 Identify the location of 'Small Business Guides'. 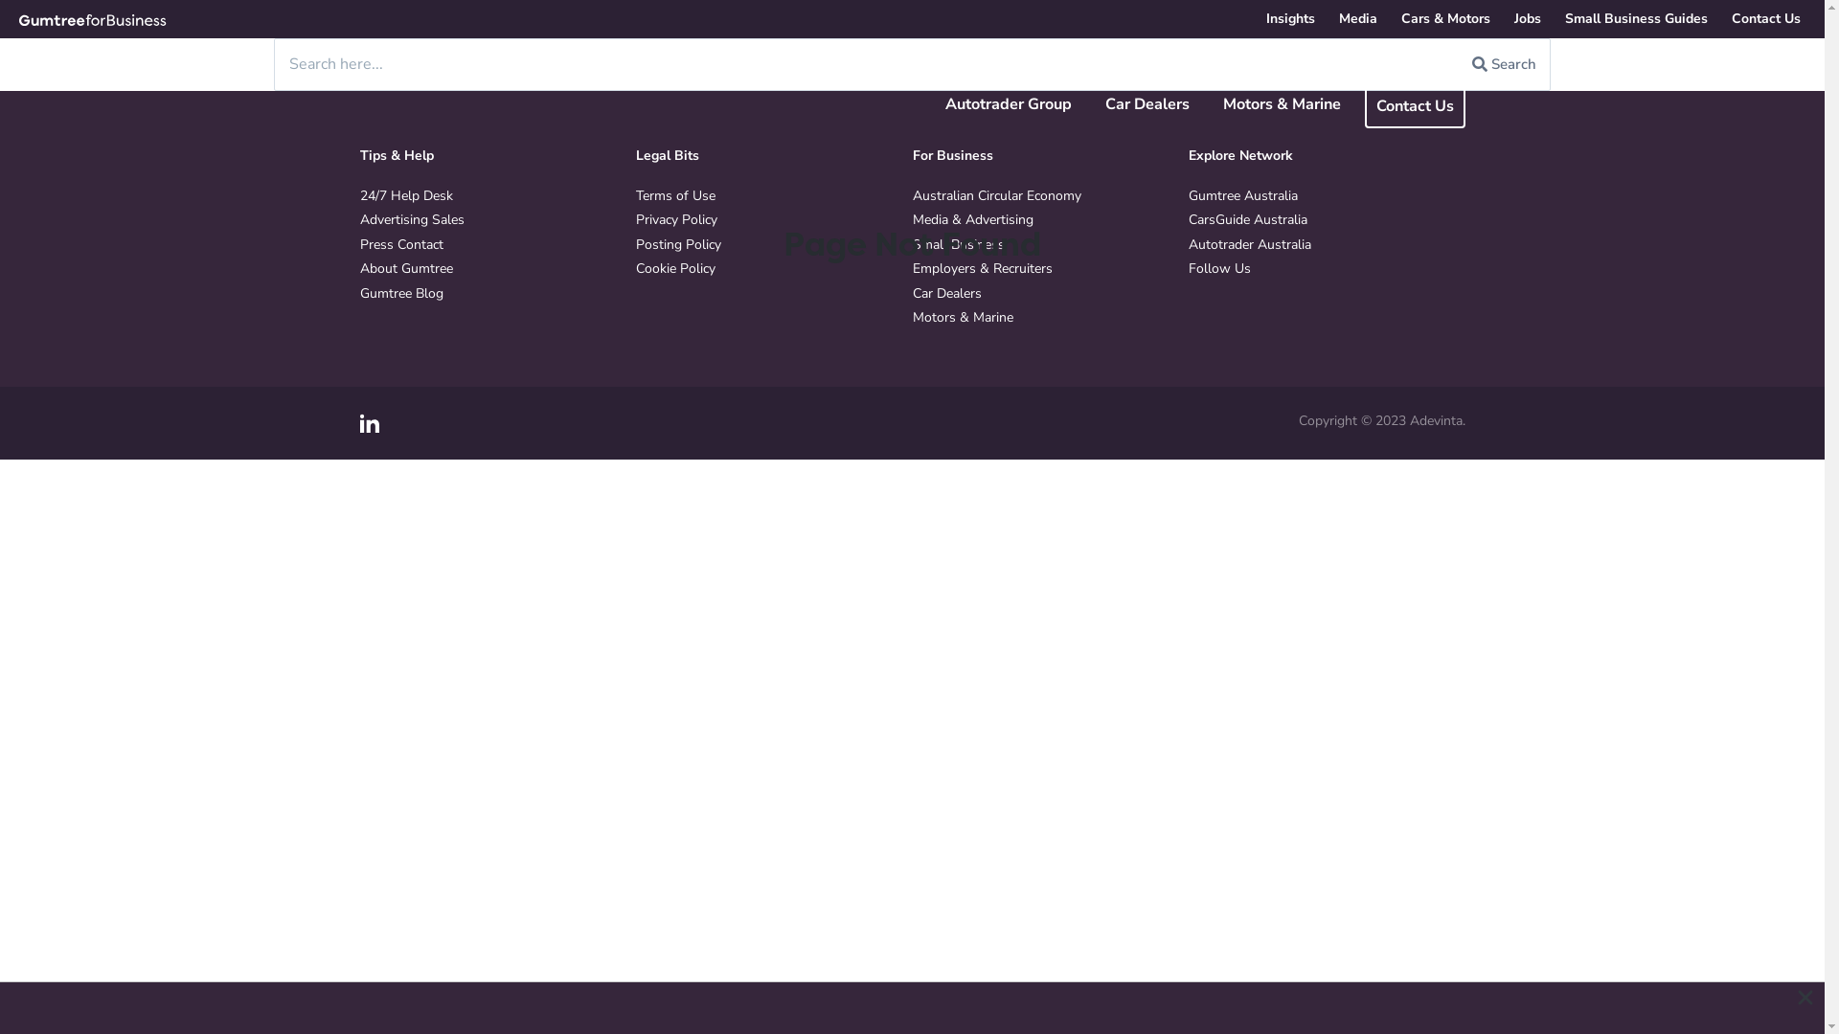
(1635, 18).